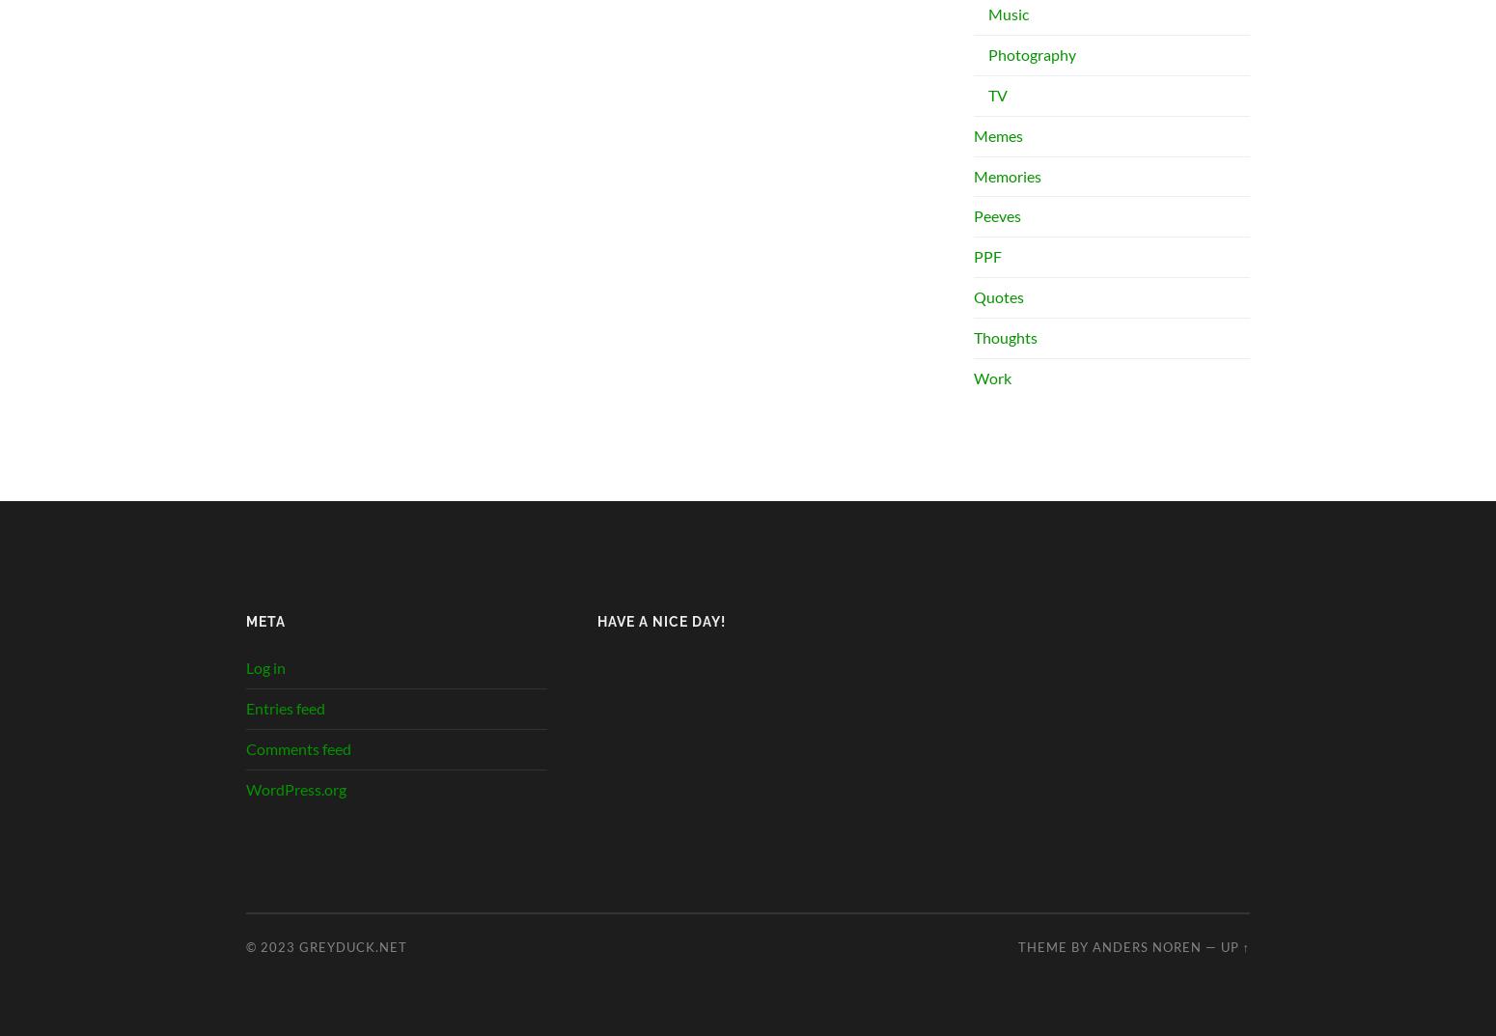  What do you see at coordinates (992, 376) in the screenshot?
I see `'Work'` at bounding box center [992, 376].